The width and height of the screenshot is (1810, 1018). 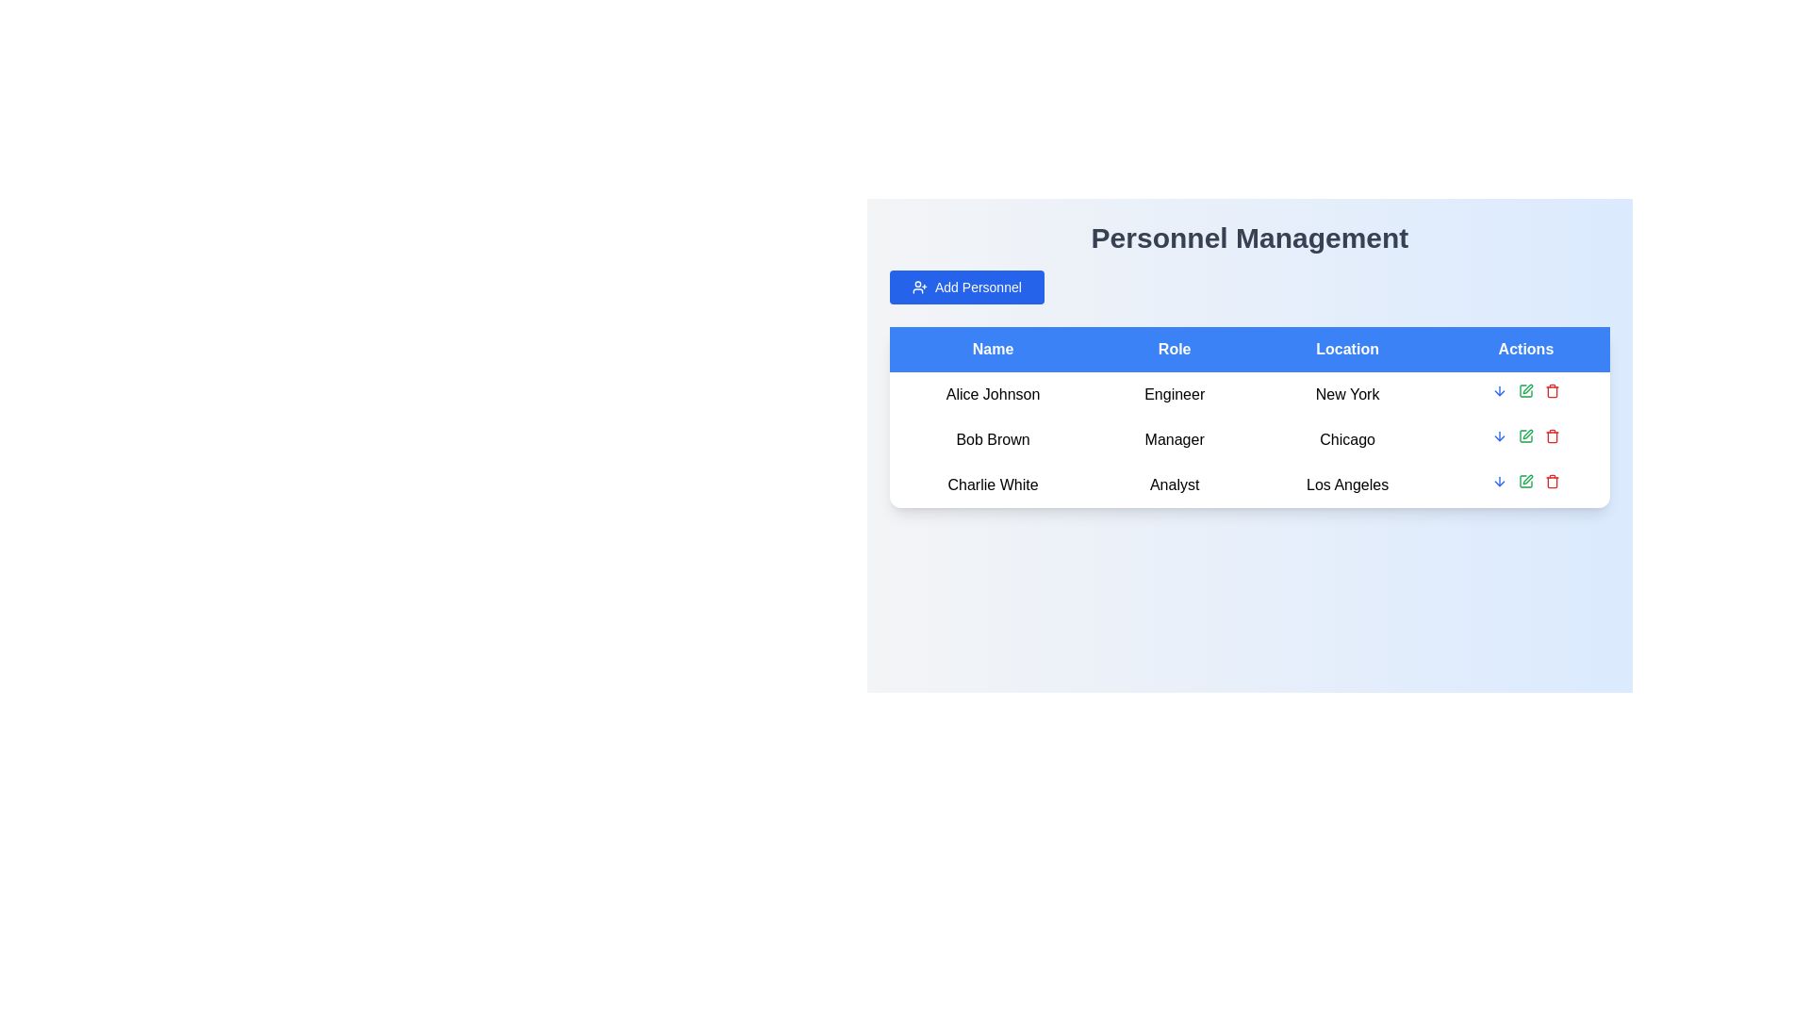 What do you see at coordinates (1552, 435) in the screenshot?
I see `the delete button located in the 'Actions' column of the second row in the table below the 'Personnel Management' title` at bounding box center [1552, 435].